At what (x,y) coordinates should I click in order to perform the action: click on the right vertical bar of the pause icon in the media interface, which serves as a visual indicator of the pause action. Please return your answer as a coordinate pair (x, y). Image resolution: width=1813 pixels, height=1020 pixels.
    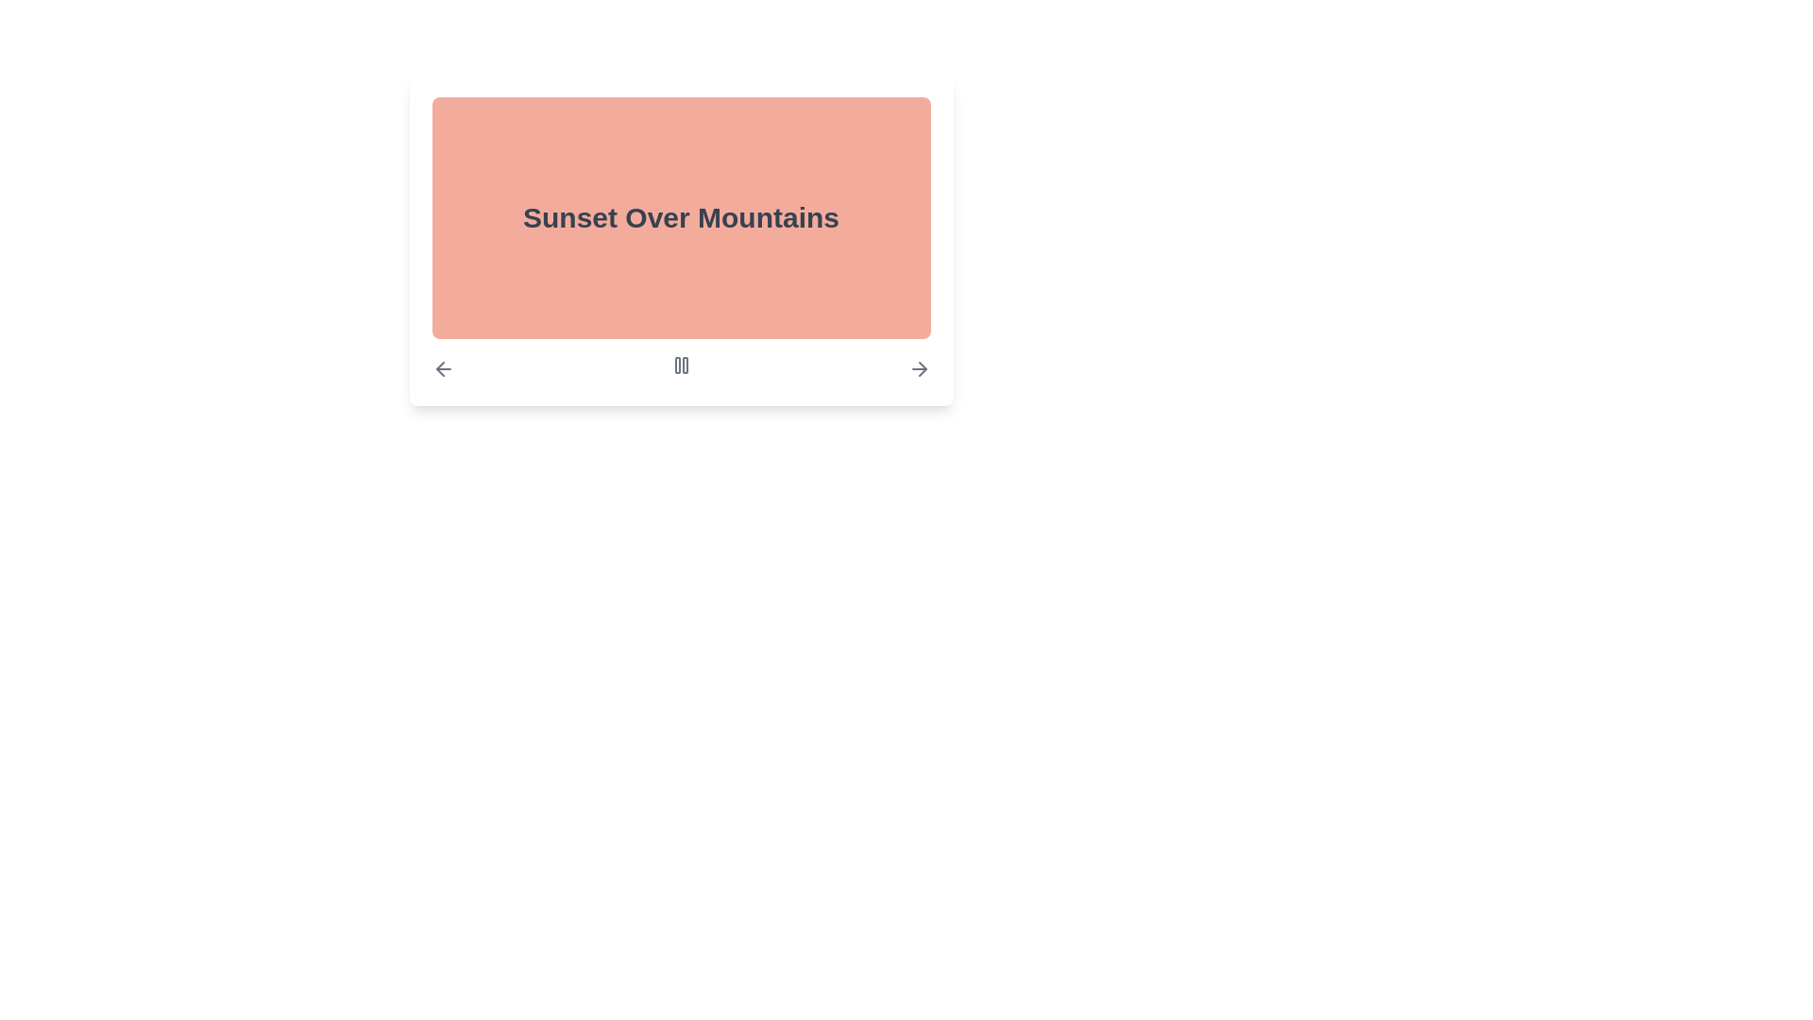
    Looking at the image, I should click on (684, 365).